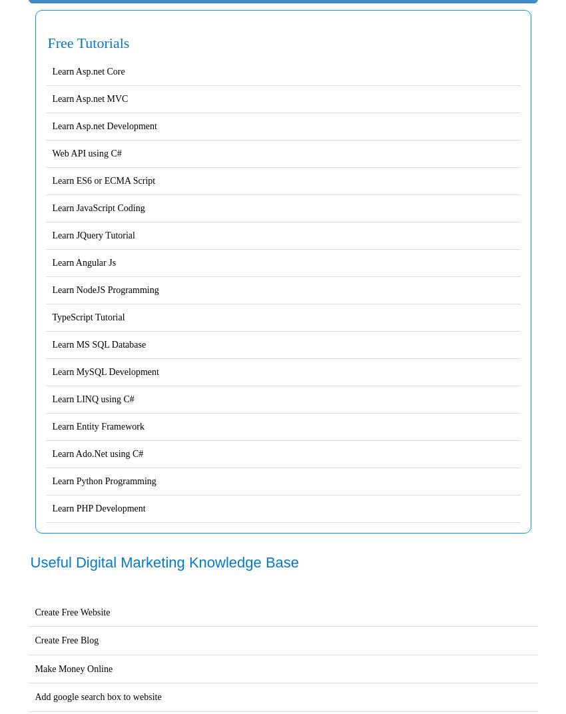  I want to click on 'Useful Digital Marketing Knowledge Base', so click(164, 561).